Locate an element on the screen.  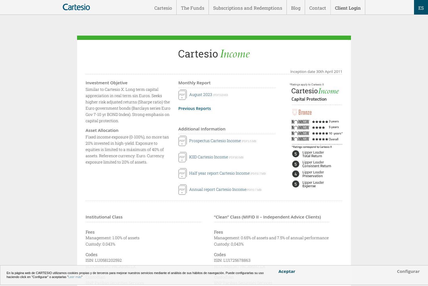
'KIID Cartesio Income' is located at coordinates (209, 157).